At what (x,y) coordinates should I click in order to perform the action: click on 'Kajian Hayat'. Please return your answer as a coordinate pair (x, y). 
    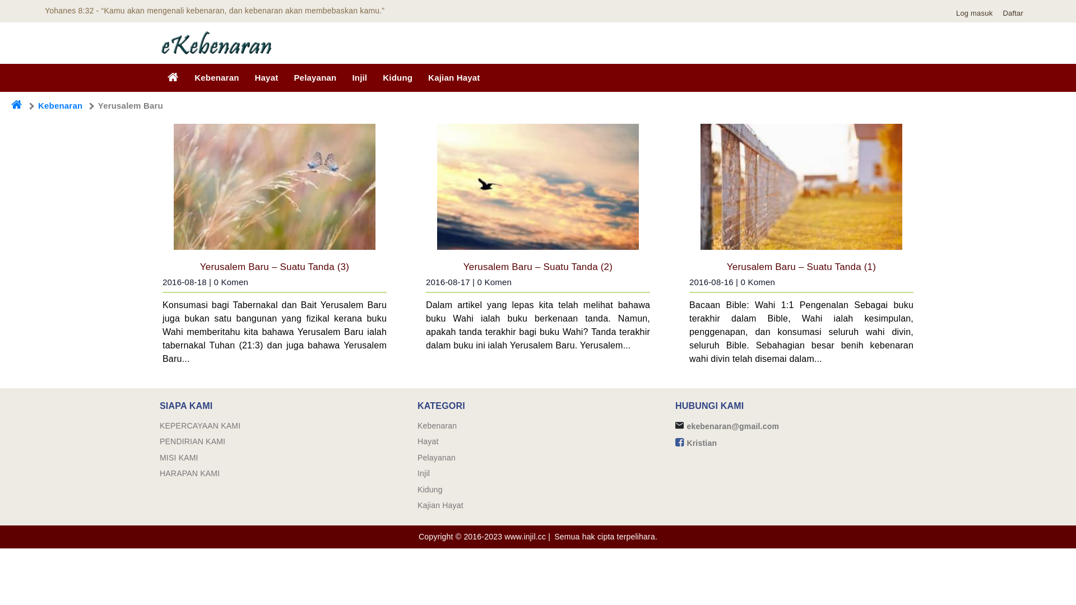
    Looking at the image, I should click on (440, 505).